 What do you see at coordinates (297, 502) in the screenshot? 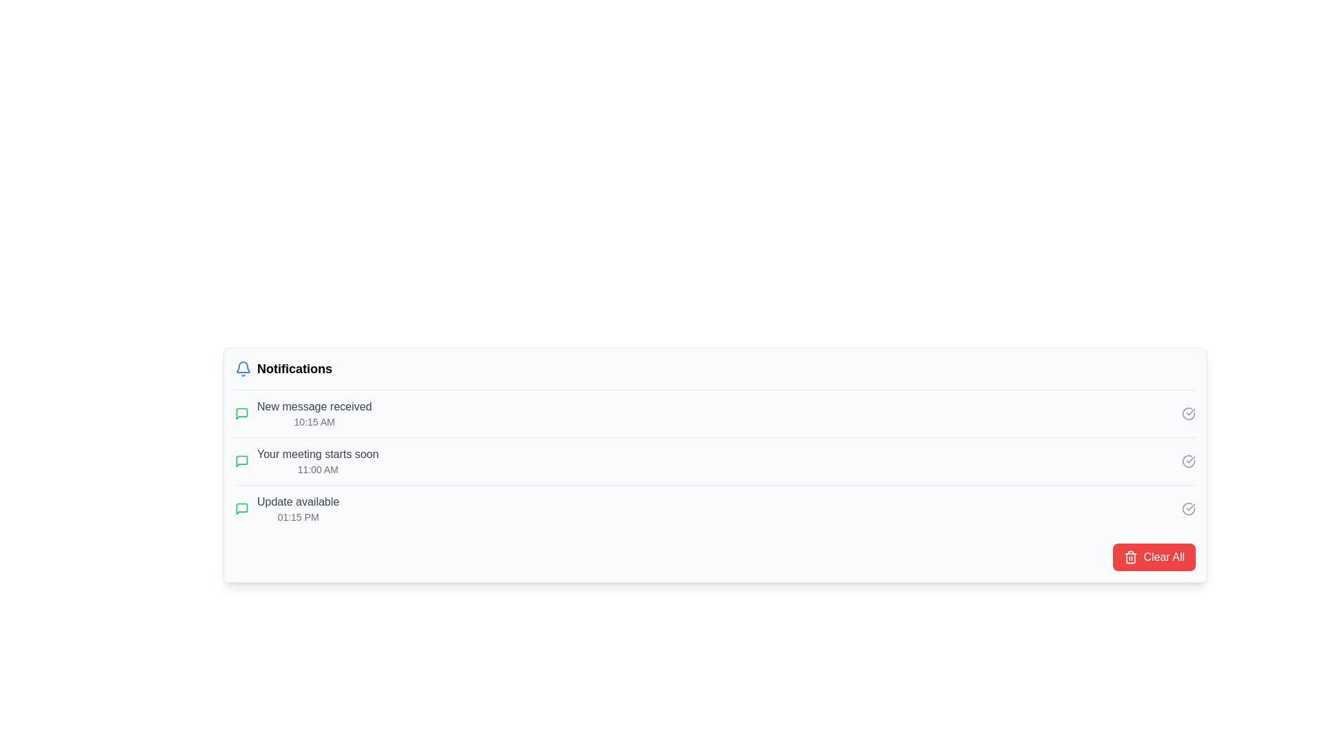
I see `the text label displaying 'Update available' in gray color, located in the third row of the notification list, next to the green icon and above the timestamp '01:15 PM'` at bounding box center [297, 502].